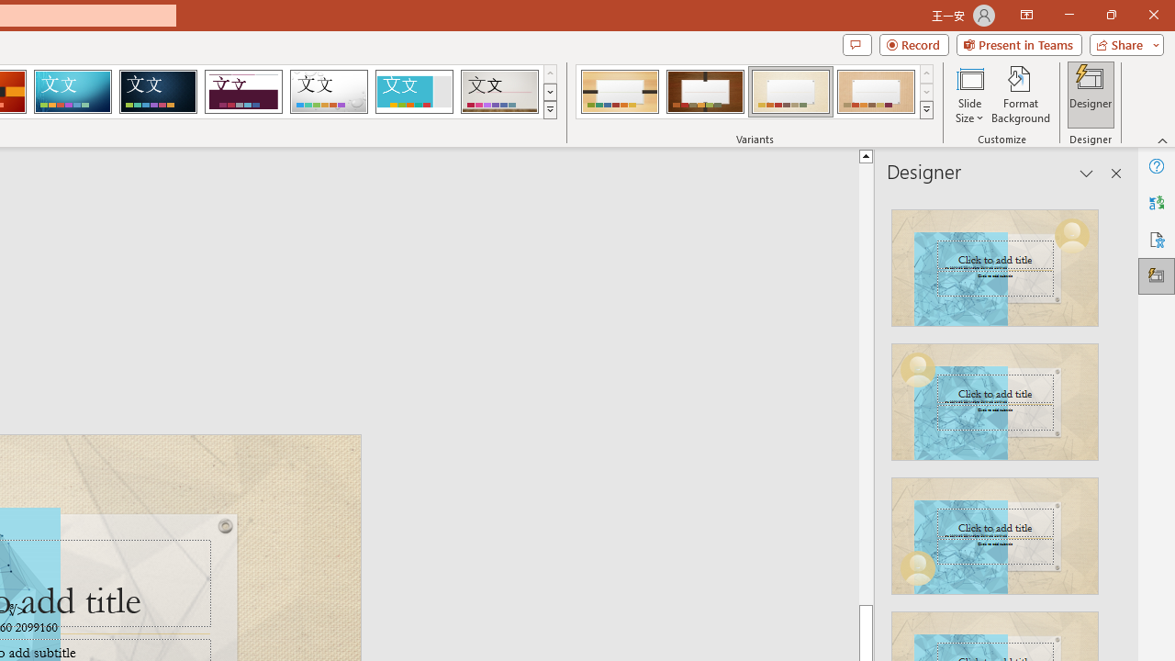 Image resolution: width=1175 pixels, height=661 pixels. Describe the element at coordinates (1020, 95) in the screenshot. I see `'Format Background'` at that location.